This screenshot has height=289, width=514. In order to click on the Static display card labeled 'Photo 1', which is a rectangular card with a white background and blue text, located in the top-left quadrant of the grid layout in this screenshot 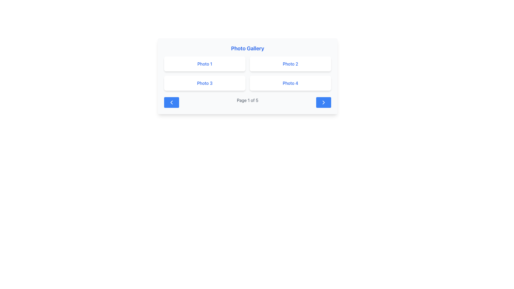, I will do `click(204, 64)`.